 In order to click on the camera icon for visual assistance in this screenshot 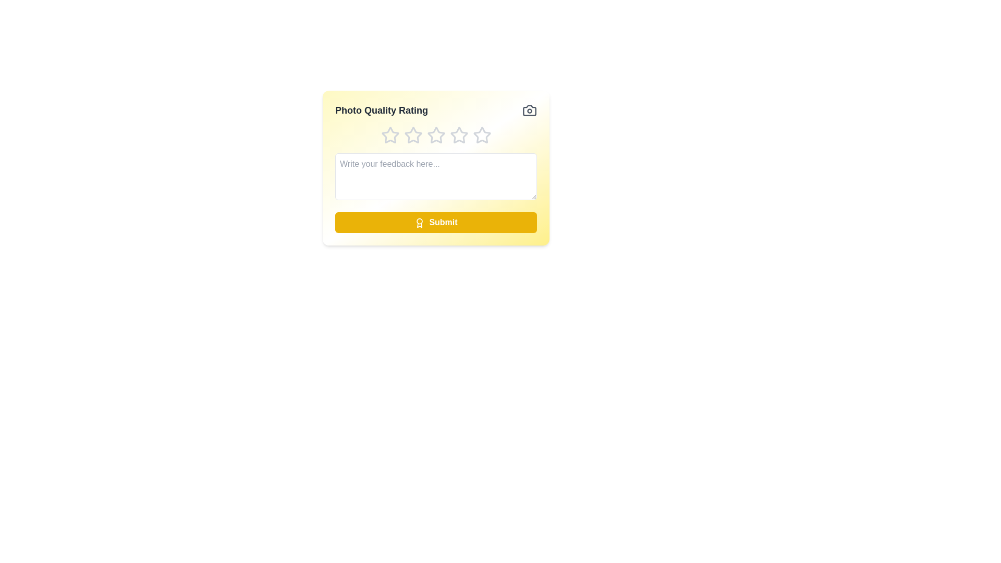, I will do `click(530, 111)`.